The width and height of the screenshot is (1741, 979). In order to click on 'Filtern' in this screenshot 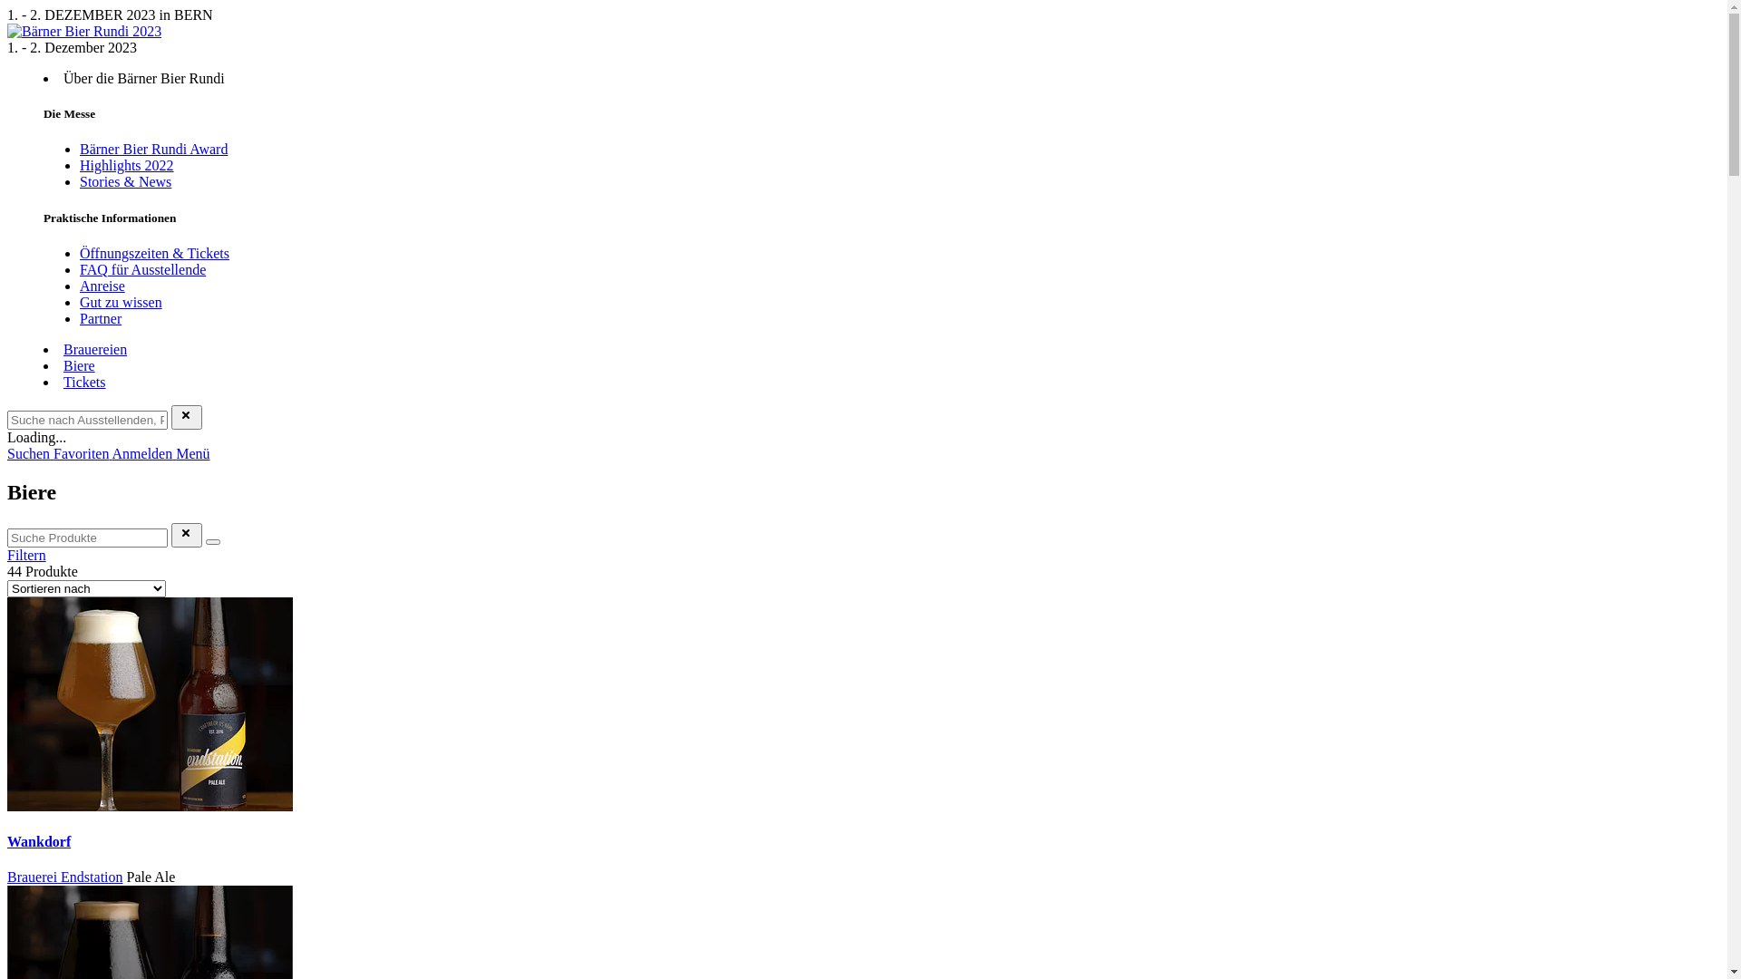, I will do `click(26, 554)`.